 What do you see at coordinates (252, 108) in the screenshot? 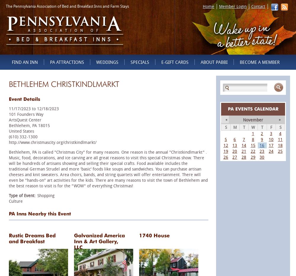
I see `'PA Events Calendar'` at bounding box center [252, 108].